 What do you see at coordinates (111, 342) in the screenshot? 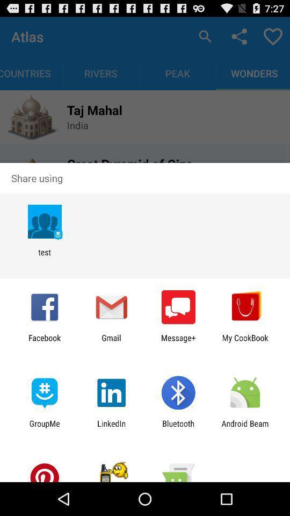
I see `the item to the left of message+ app` at bounding box center [111, 342].